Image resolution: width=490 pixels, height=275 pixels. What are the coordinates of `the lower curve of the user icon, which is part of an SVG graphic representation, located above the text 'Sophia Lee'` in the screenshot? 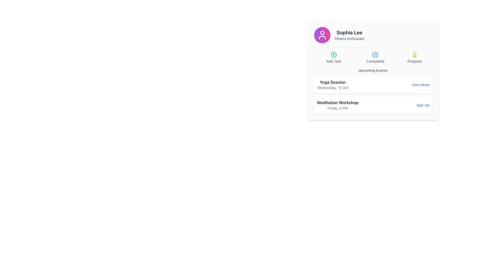 It's located at (322, 37).